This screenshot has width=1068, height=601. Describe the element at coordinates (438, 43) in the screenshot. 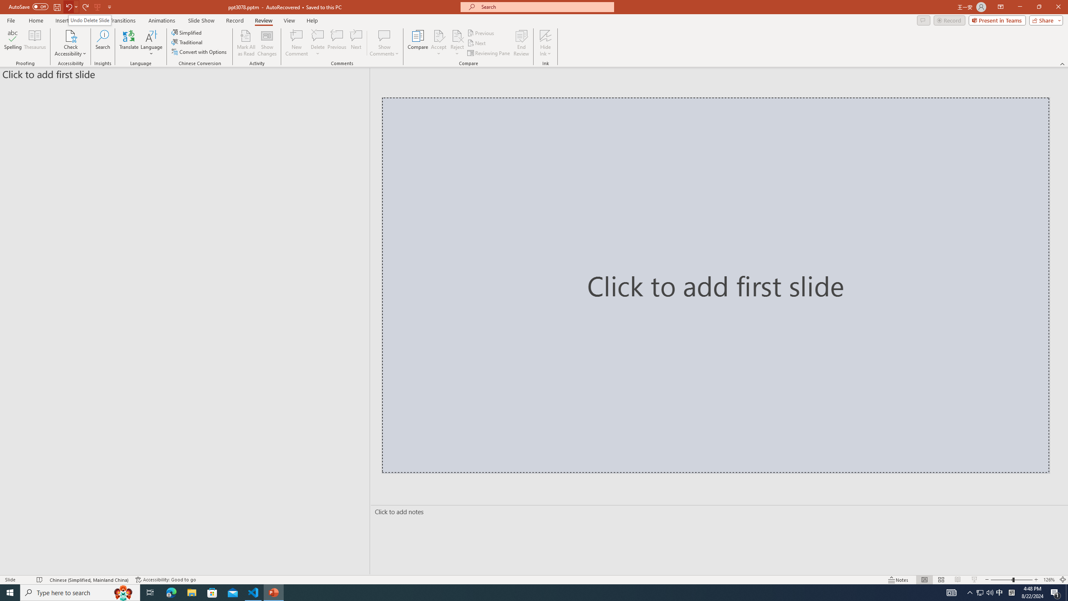

I see `'Accept'` at that location.